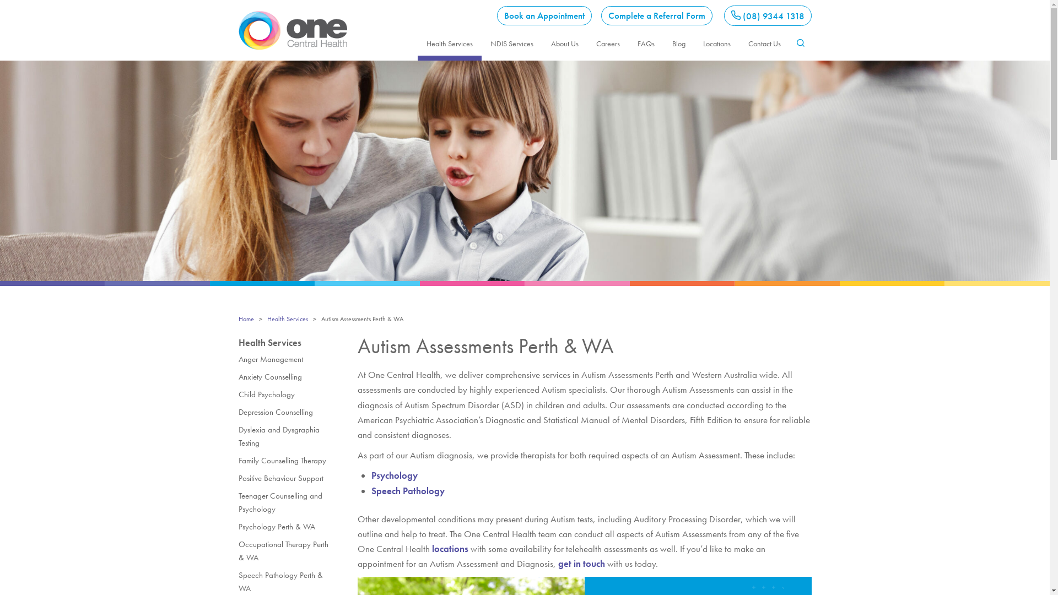 Image resolution: width=1058 pixels, height=595 pixels. I want to click on 'Anger Management', so click(286, 359).